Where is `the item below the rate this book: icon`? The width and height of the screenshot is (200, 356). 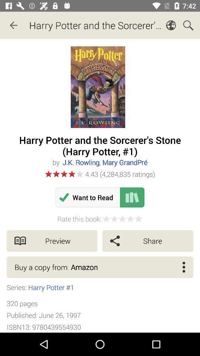
the item below the rate this book: icon is located at coordinates (51, 240).